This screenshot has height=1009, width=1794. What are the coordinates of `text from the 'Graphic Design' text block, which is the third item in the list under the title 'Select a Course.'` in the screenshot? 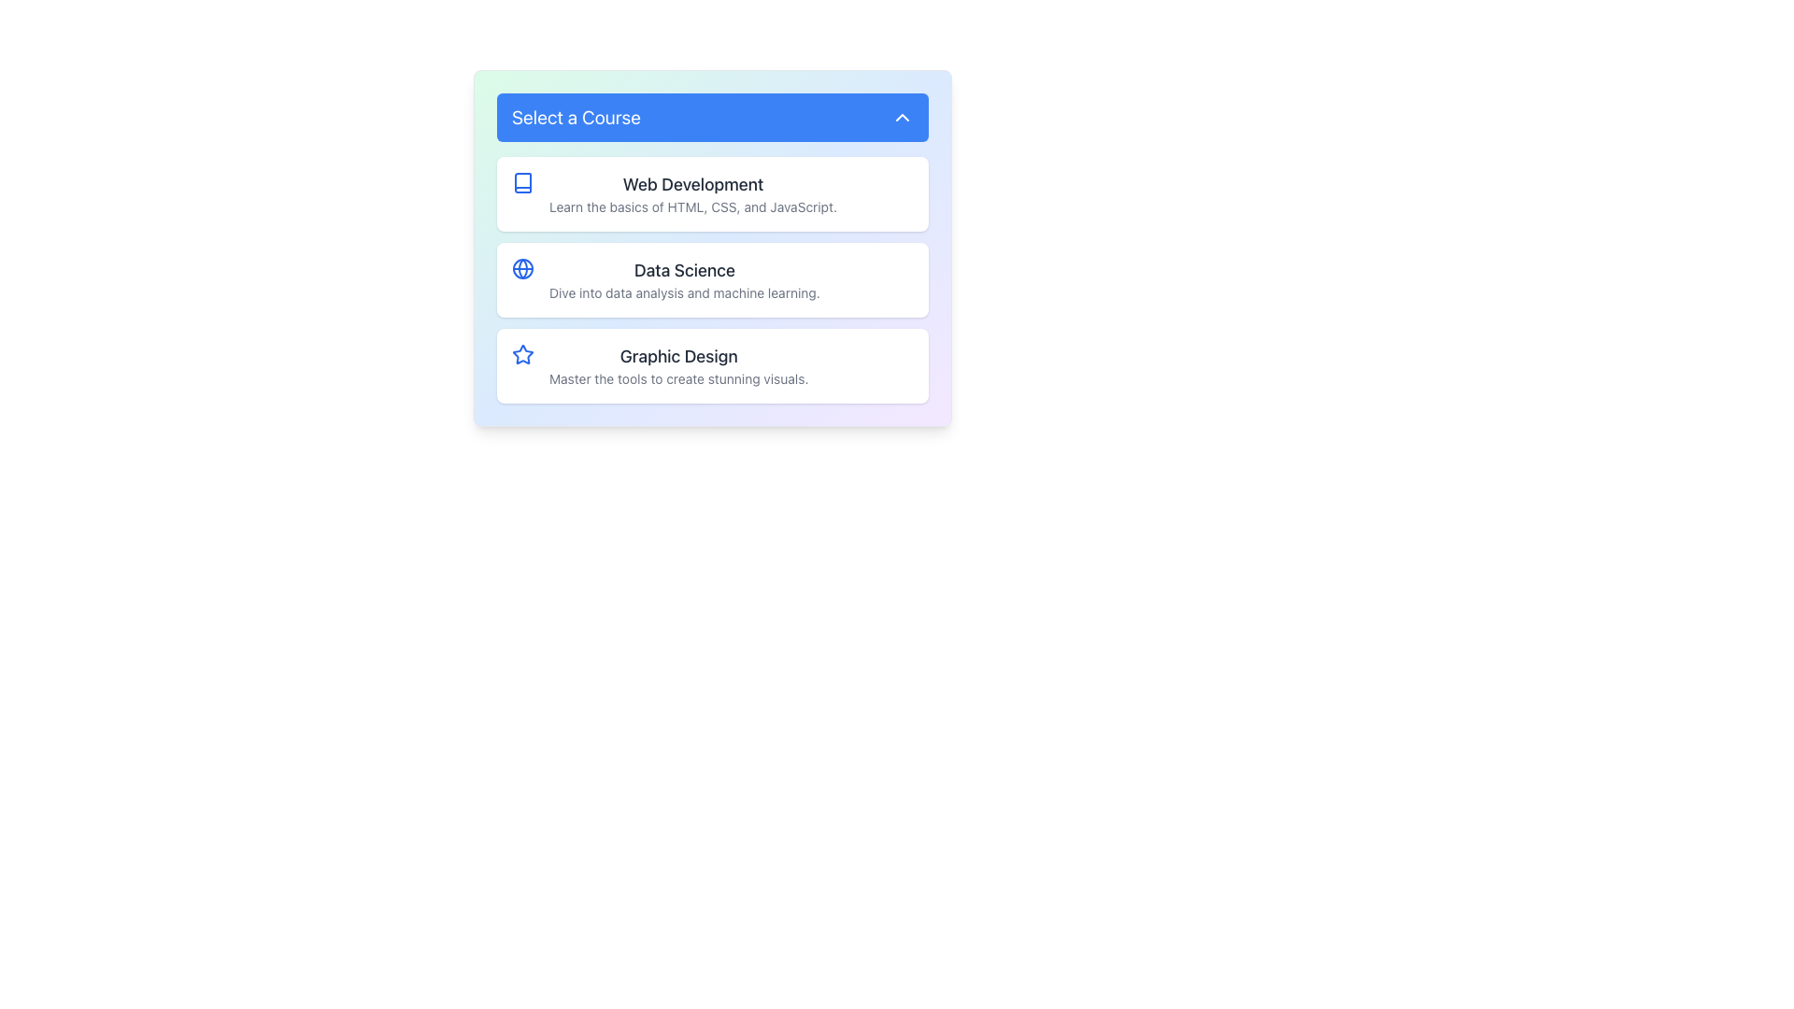 It's located at (677, 366).